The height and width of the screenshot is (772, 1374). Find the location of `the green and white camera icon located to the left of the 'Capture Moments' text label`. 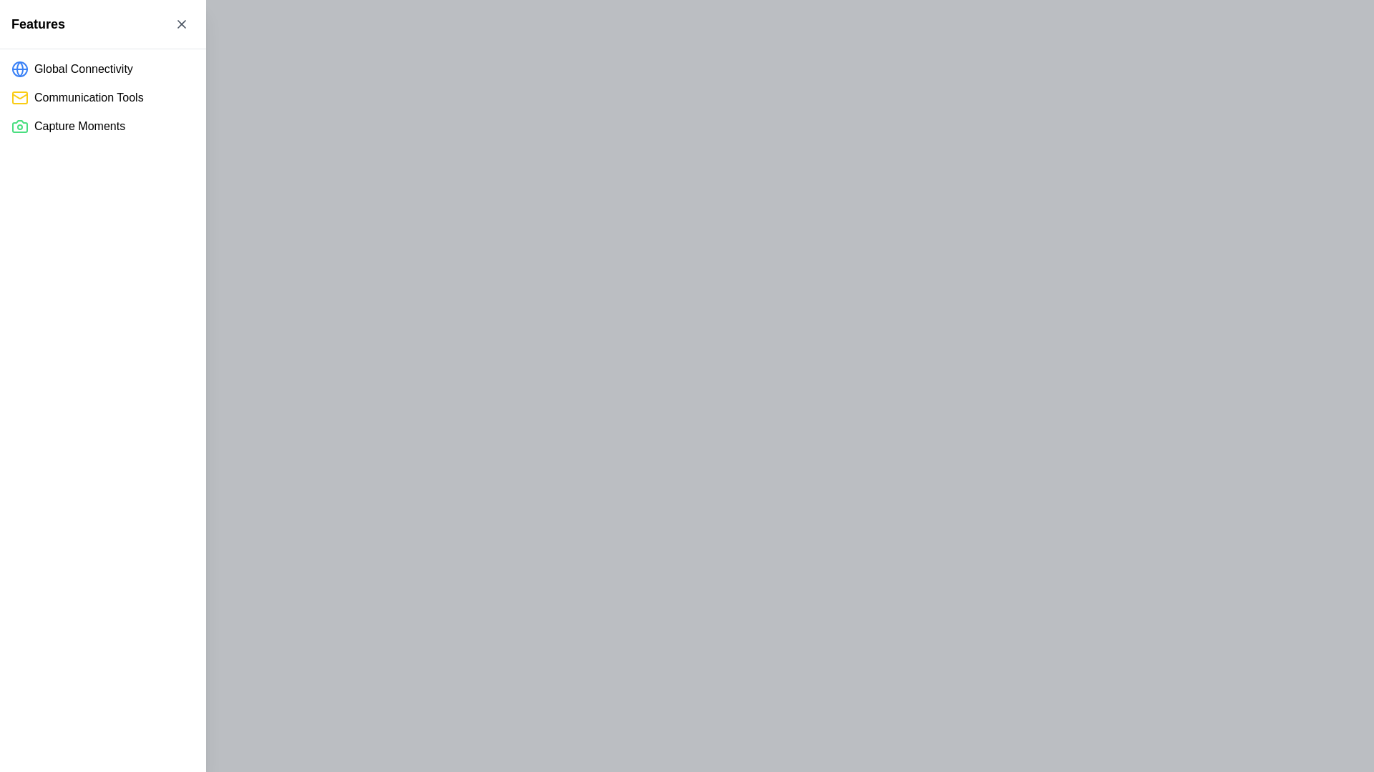

the green and white camera icon located to the left of the 'Capture Moments' text label is located at coordinates (20, 126).